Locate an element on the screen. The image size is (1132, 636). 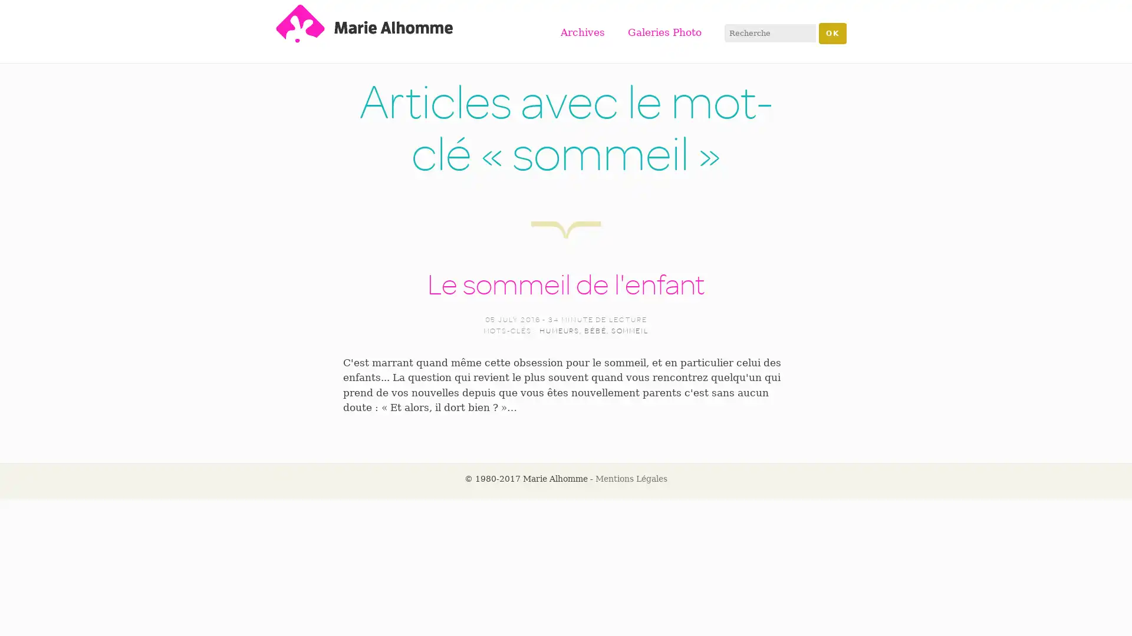
OK is located at coordinates (831, 33).